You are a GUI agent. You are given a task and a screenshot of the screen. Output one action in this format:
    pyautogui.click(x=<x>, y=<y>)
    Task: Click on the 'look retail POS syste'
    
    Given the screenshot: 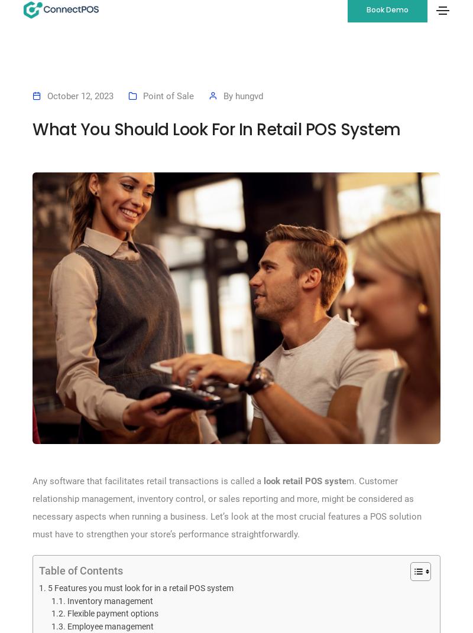 What is the action you would take?
    pyautogui.click(x=304, y=481)
    